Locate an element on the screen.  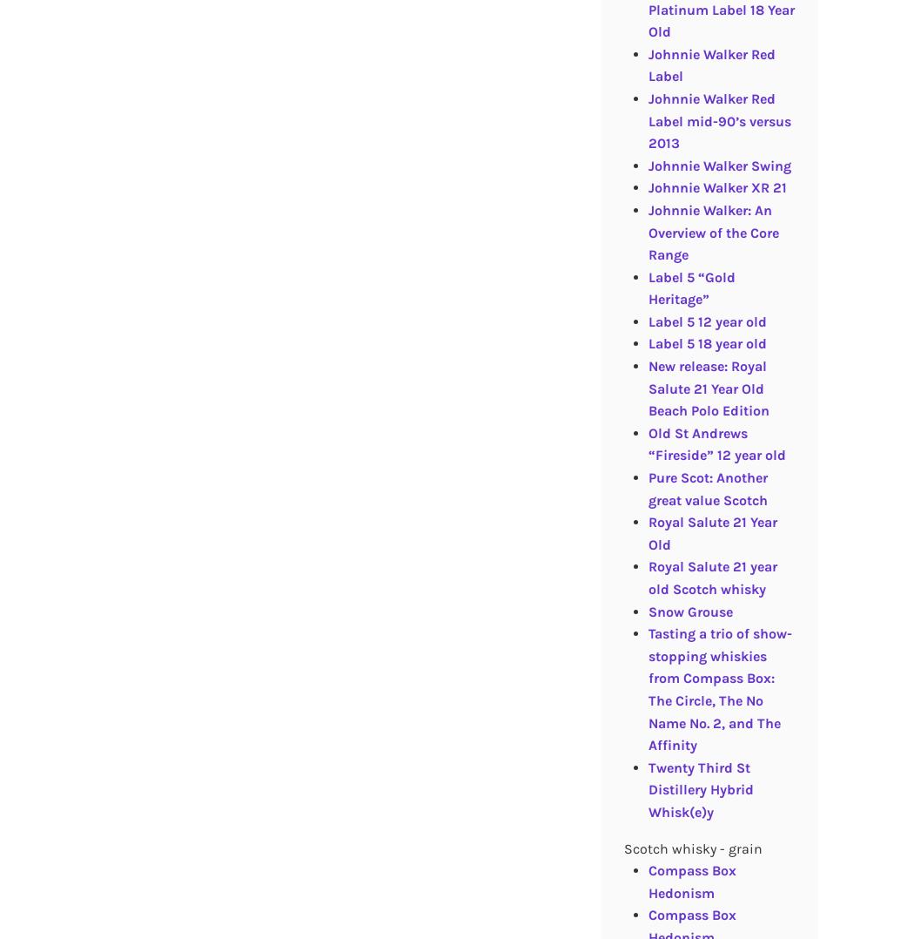
'Label 5 12 year old' is located at coordinates (705, 321).